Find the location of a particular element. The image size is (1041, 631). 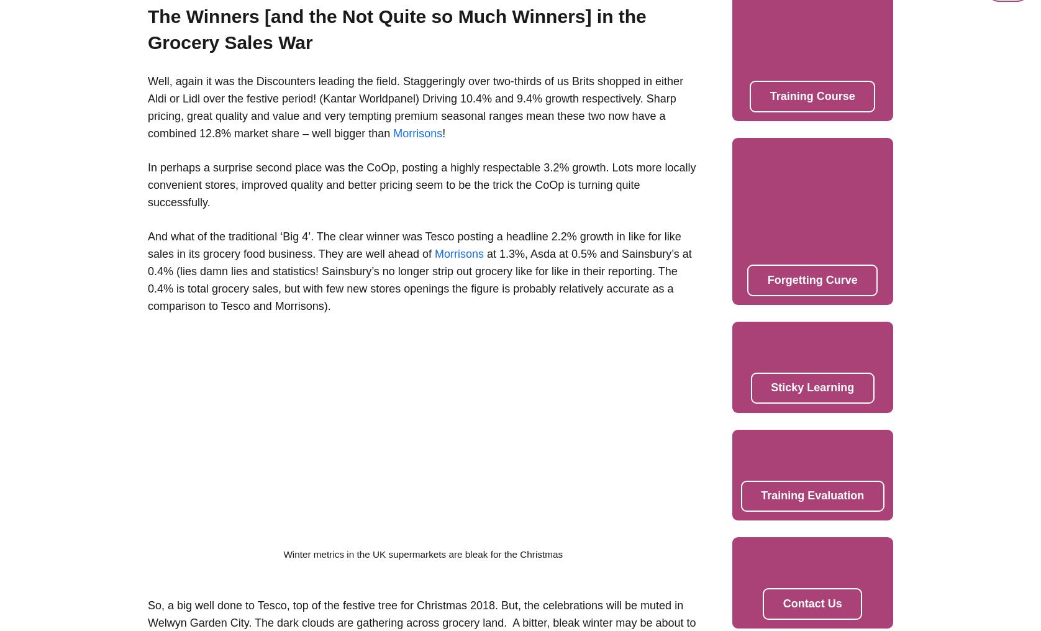

'The Winners [and the Not Quite so Much Winners] in the Grocery Sales War' is located at coordinates (396, 29).